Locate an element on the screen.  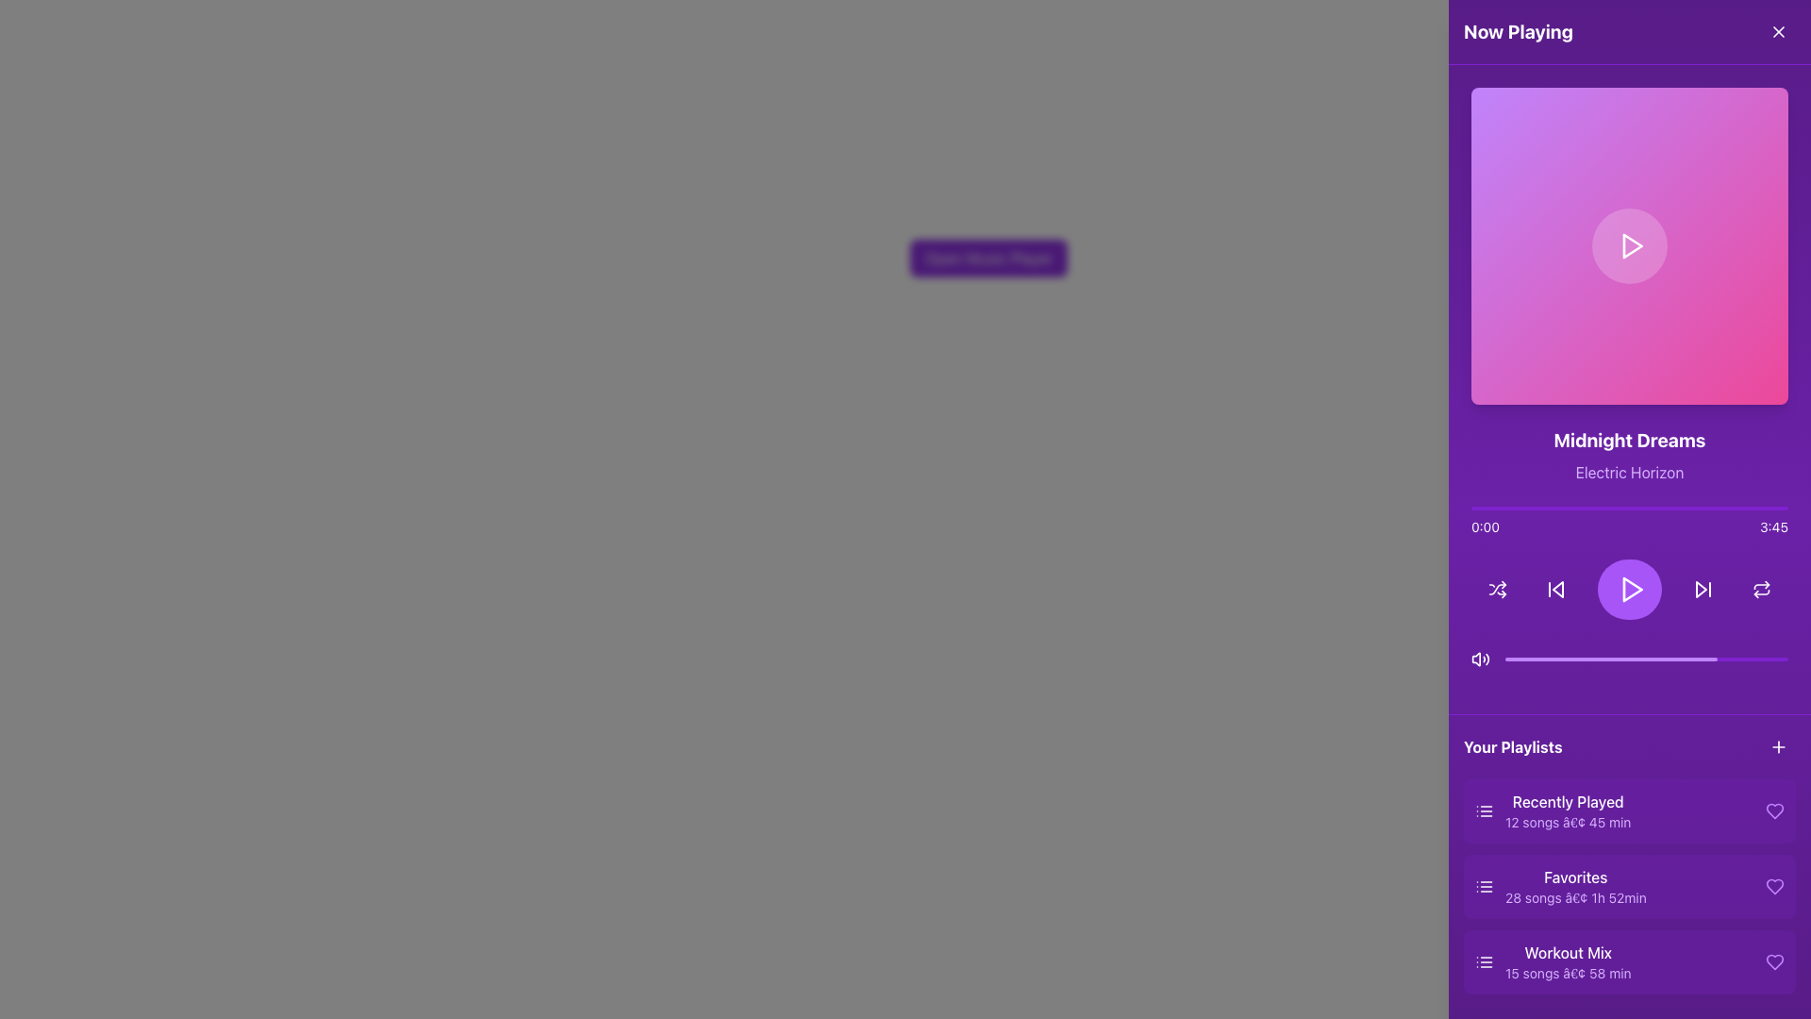
the 'Workout Mix' label with metadata, which displays '15 songs • 58 min' on a purple background, located in the 'Your Playlists' section is located at coordinates (1568, 961).